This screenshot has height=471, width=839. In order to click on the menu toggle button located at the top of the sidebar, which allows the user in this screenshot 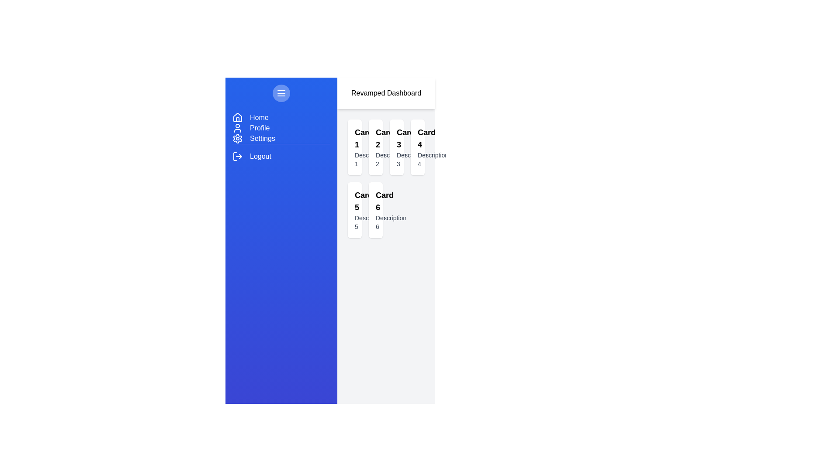, I will do `click(281, 93)`.